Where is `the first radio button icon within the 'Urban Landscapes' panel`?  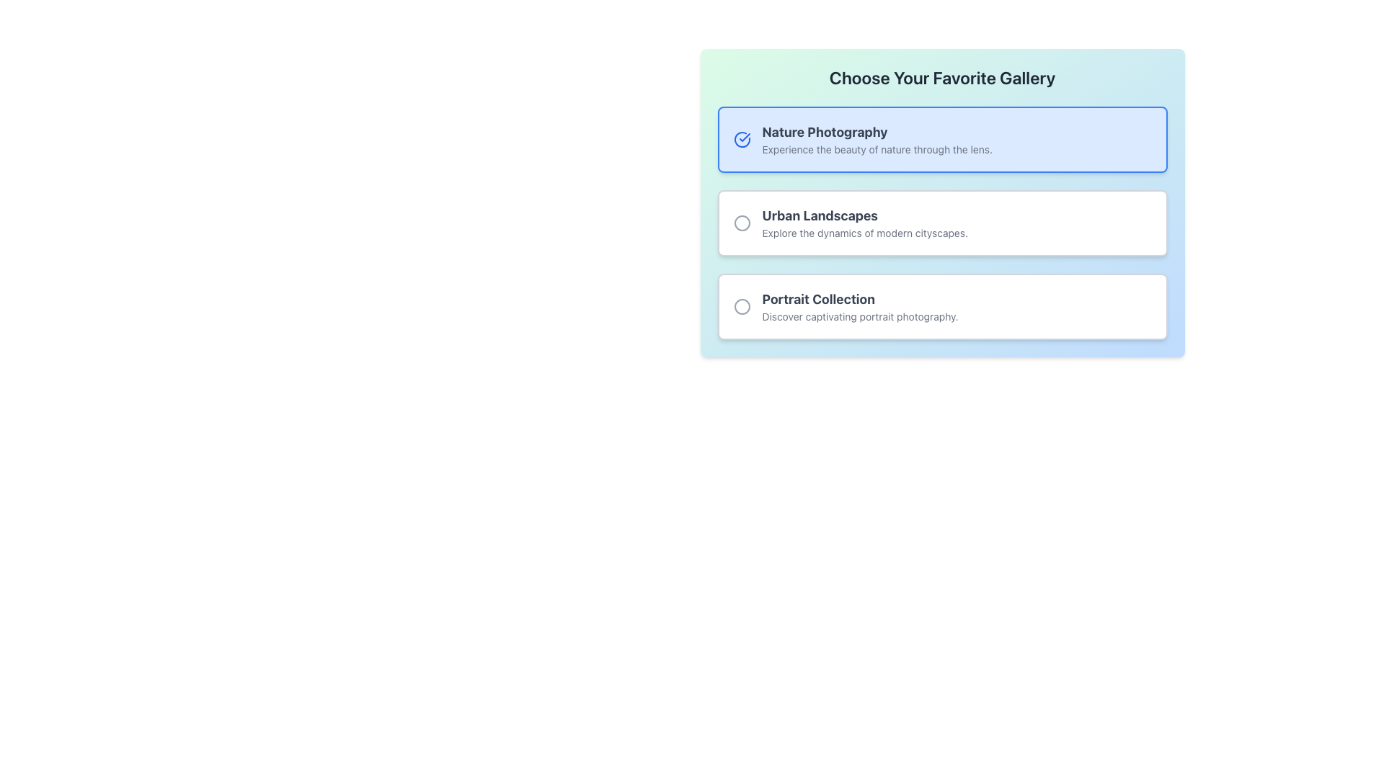 the first radio button icon within the 'Urban Landscapes' panel is located at coordinates (742, 223).